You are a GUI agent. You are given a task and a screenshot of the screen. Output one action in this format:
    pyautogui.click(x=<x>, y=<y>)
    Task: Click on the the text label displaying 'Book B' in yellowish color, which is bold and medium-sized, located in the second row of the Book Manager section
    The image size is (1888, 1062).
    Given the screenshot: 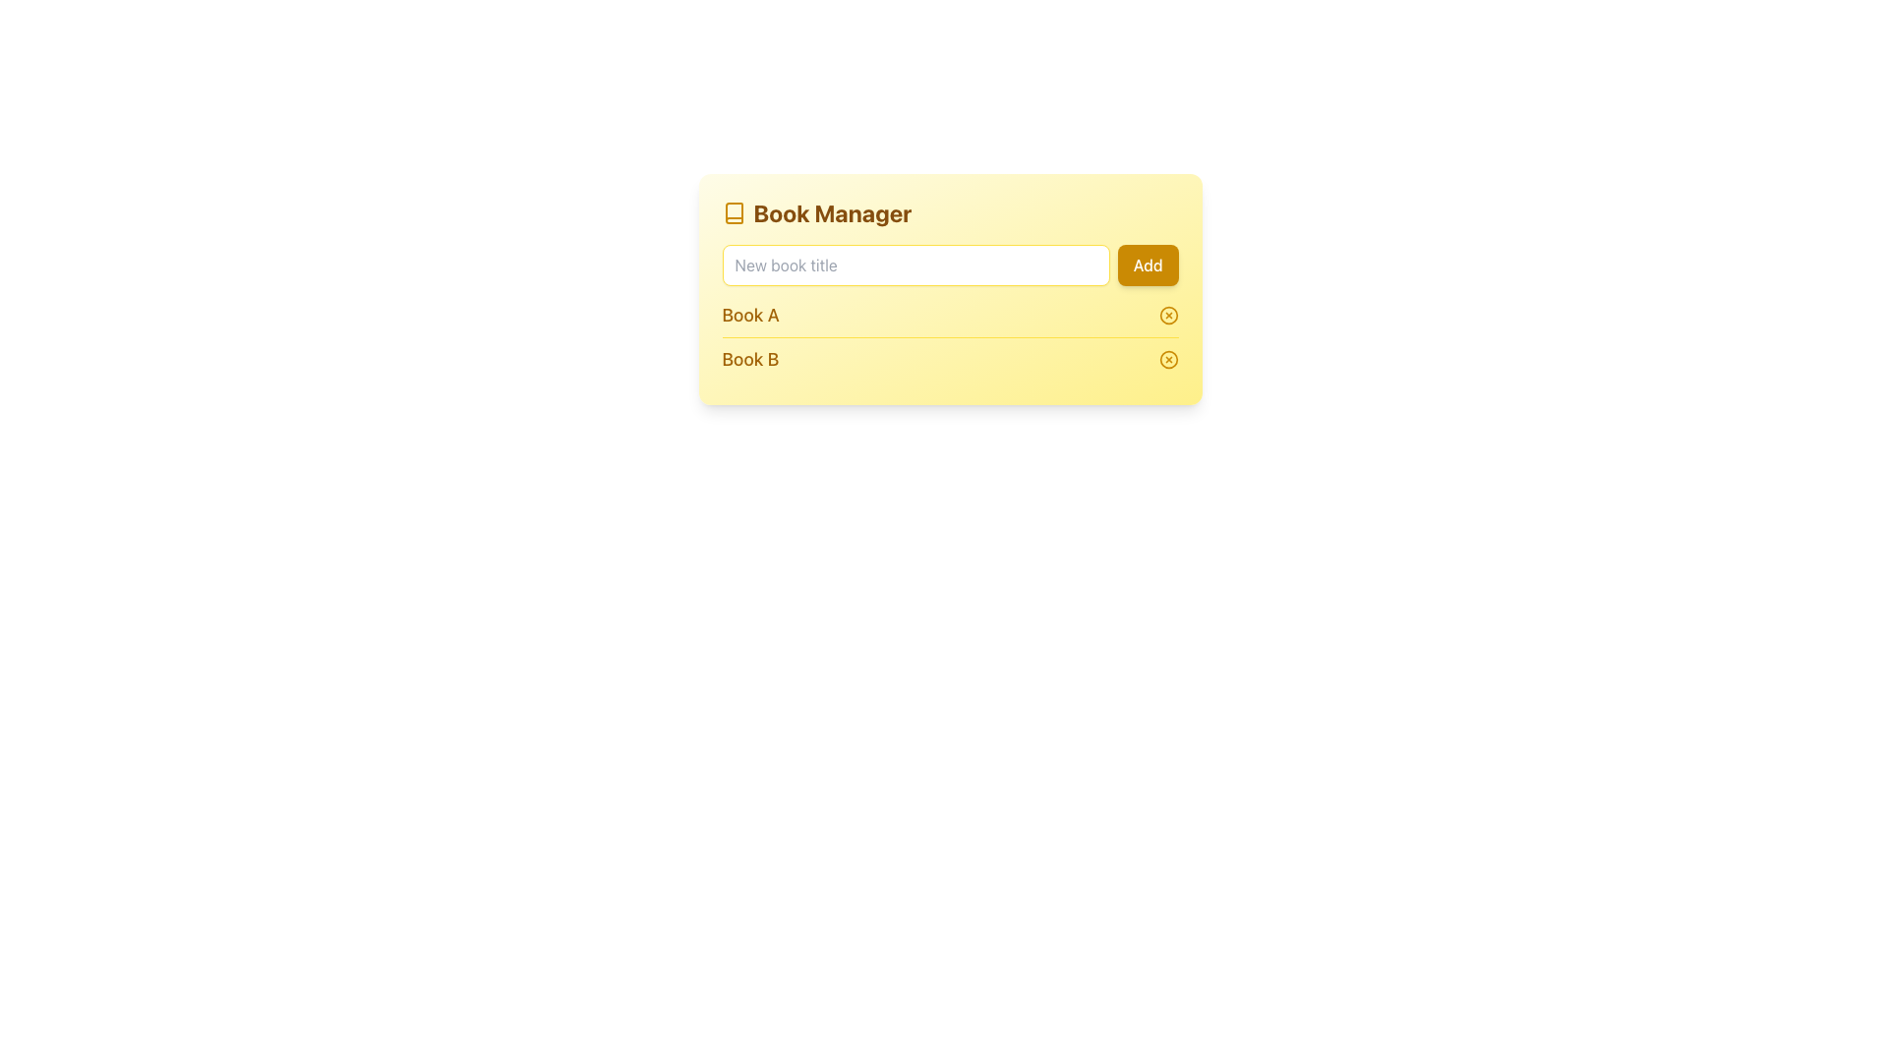 What is the action you would take?
    pyautogui.click(x=749, y=360)
    